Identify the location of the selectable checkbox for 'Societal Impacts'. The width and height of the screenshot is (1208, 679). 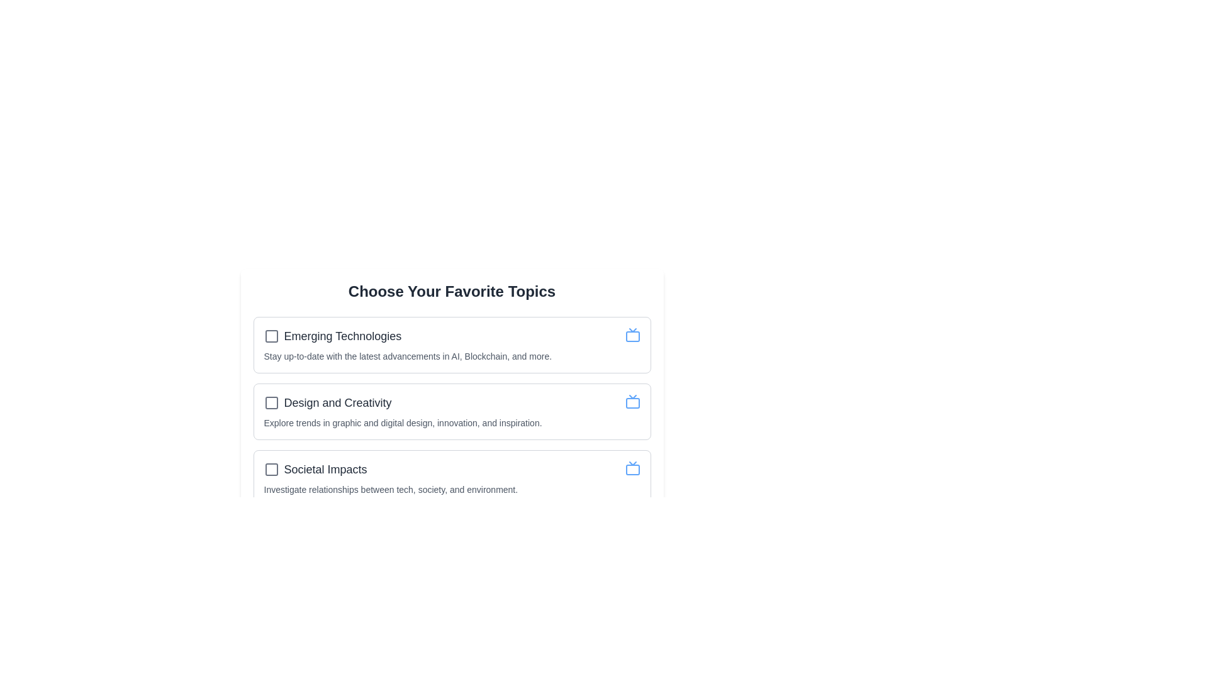
(271, 470).